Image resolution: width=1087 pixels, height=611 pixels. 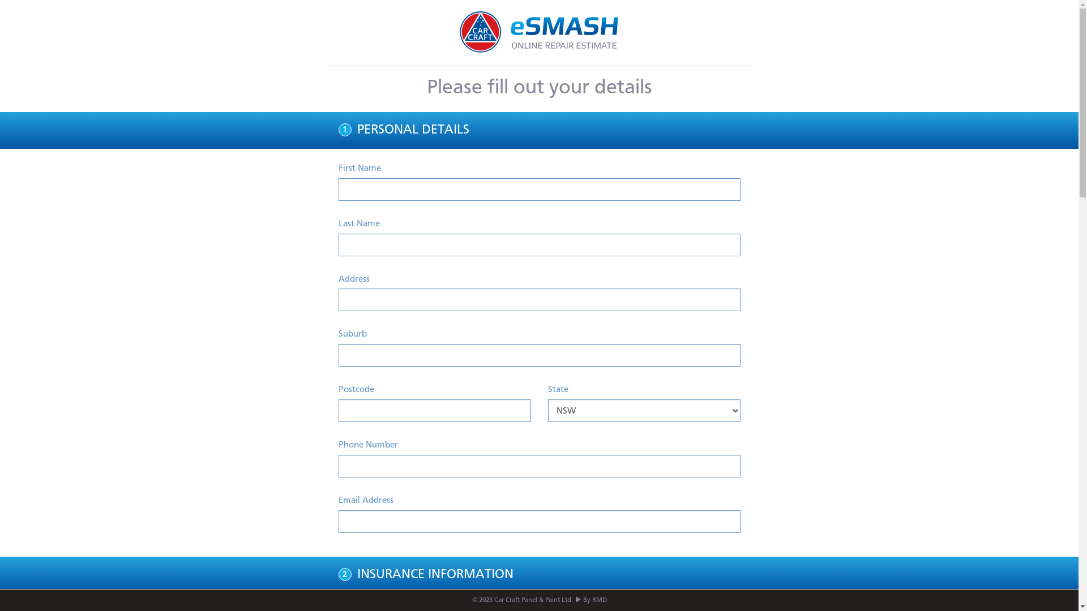 I want to click on 'eSMASH - Online Repair Estimate', so click(x=539, y=32).